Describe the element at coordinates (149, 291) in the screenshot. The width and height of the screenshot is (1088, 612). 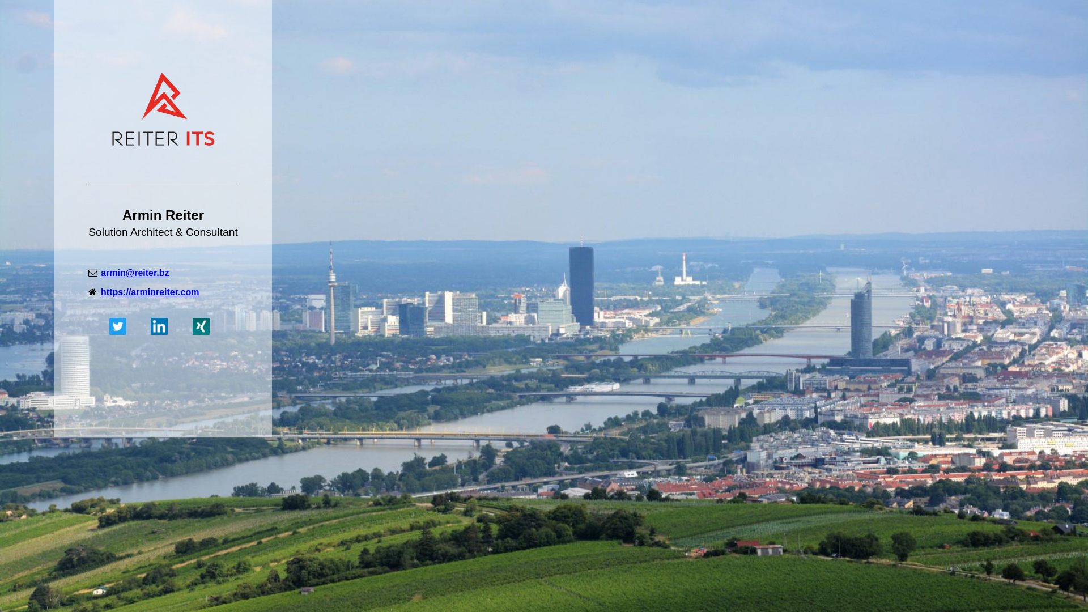
I see `'https://arminreiter.com'` at that location.